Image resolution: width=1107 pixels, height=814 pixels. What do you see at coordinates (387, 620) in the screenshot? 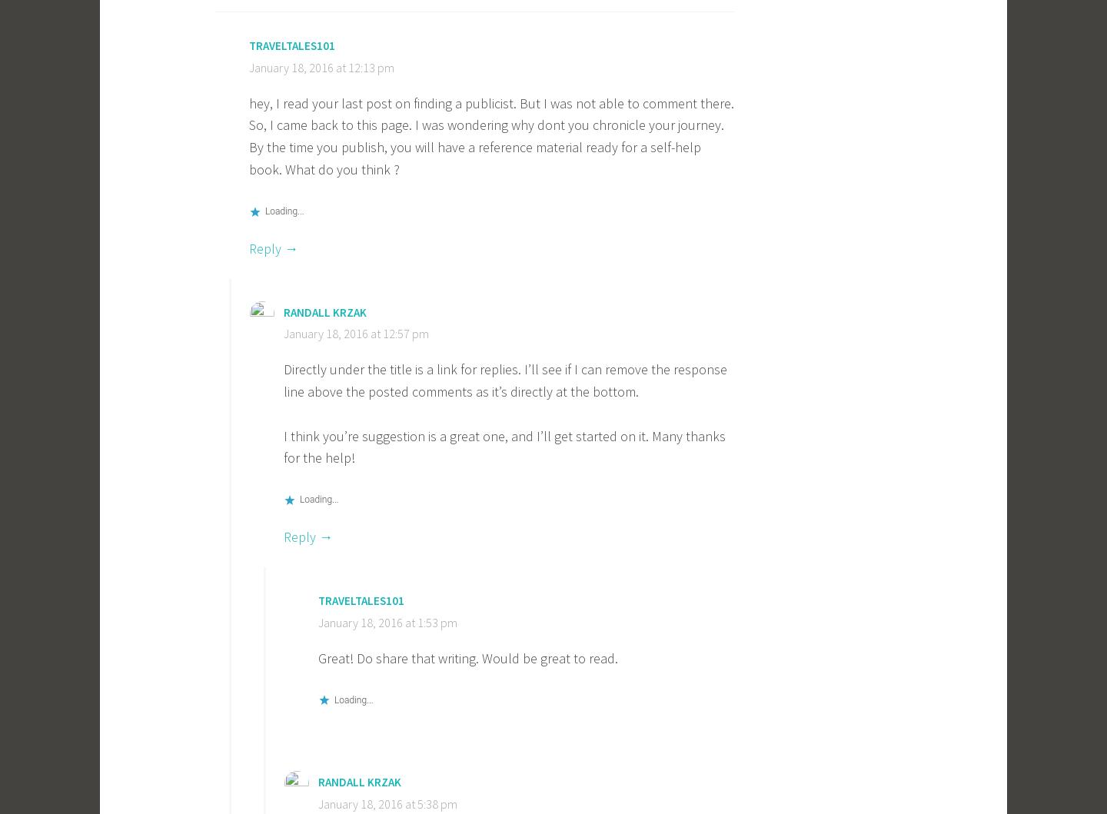
I see `'January 18, 2016 at 1:53 pm'` at bounding box center [387, 620].